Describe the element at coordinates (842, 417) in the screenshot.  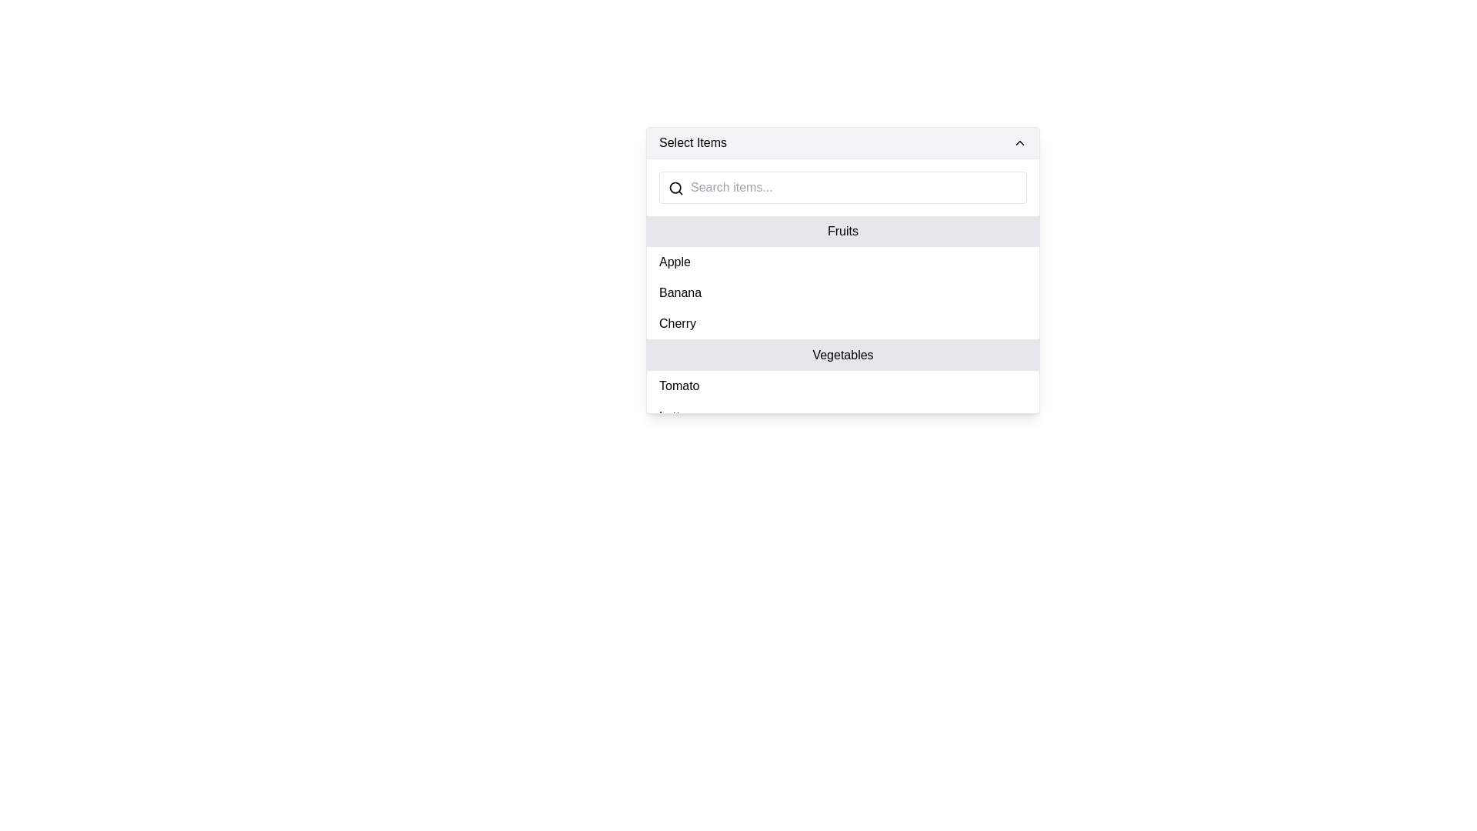
I see `the 'Lettuce' list item element, which is the second item under the 'Vegetables' section of a dropdown menu` at that location.